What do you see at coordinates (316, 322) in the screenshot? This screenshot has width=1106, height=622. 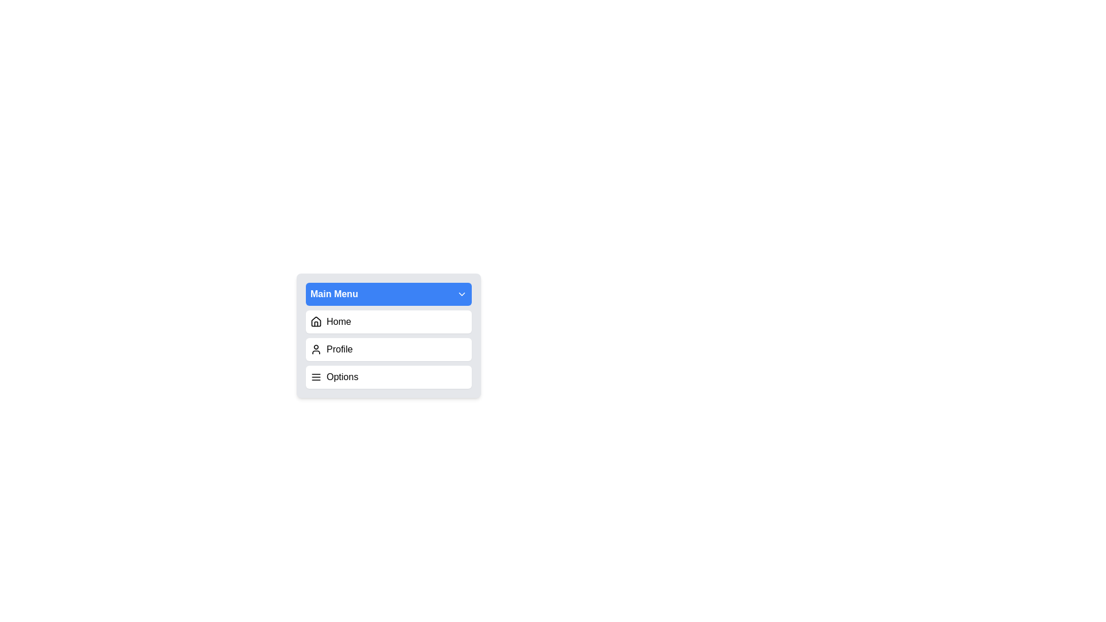 I see `the 'Home' icon, which is a visual indicator located at the leftmost side of the navigation menu` at bounding box center [316, 322].